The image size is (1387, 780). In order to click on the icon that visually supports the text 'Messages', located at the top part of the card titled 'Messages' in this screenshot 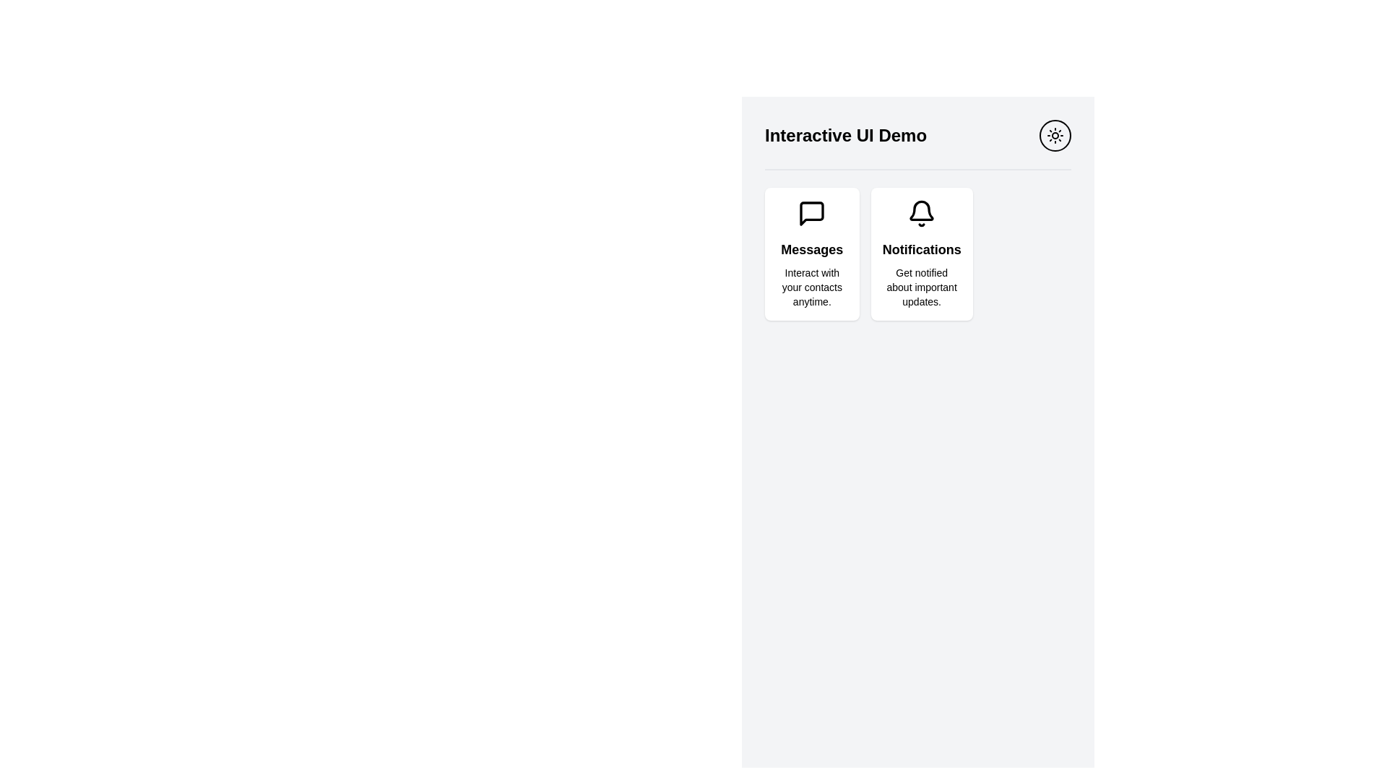, I will do `click(812, 214)`.